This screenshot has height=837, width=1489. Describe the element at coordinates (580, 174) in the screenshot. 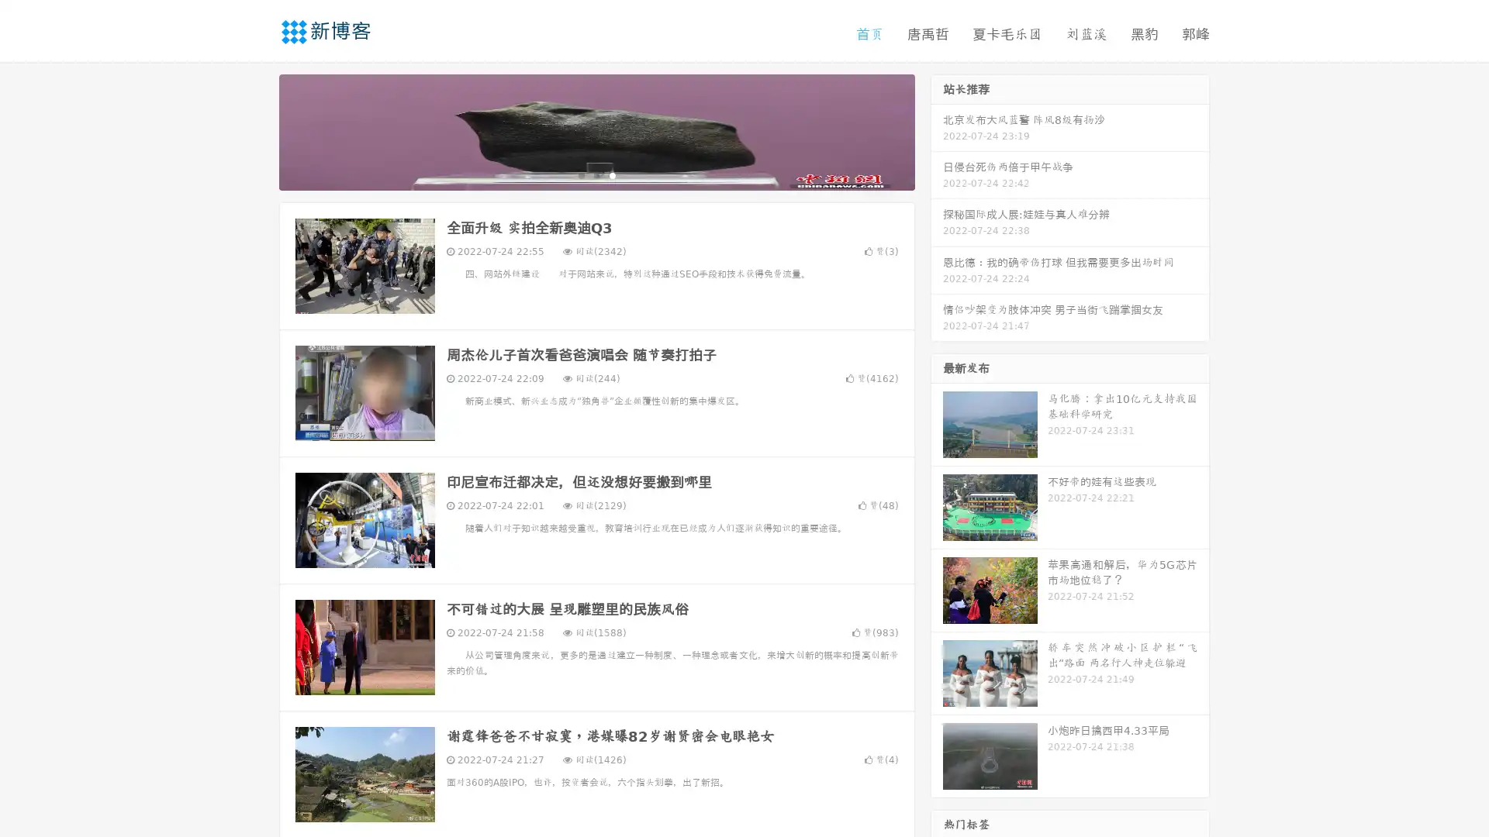

I see `Go to slide 1` at that location.